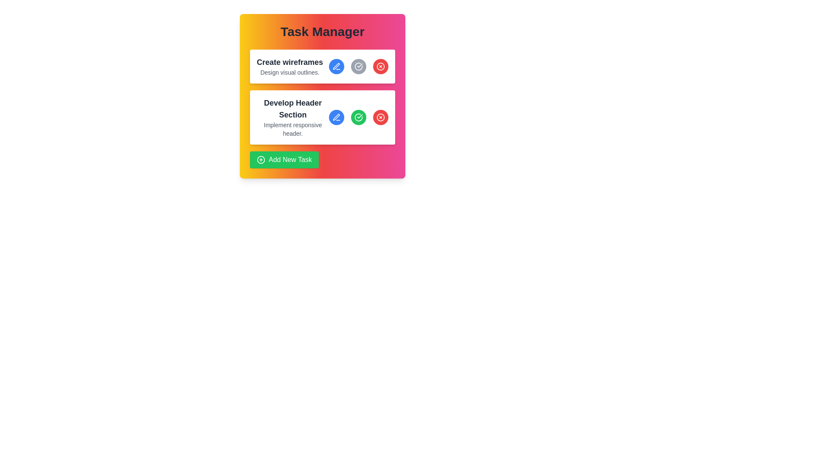 This screenshot has width=815, height=458. I want to click on the pencil icon on the blue circular background located in the upper-right corner of the 'Create wireframes' task card, so click(336, 66).